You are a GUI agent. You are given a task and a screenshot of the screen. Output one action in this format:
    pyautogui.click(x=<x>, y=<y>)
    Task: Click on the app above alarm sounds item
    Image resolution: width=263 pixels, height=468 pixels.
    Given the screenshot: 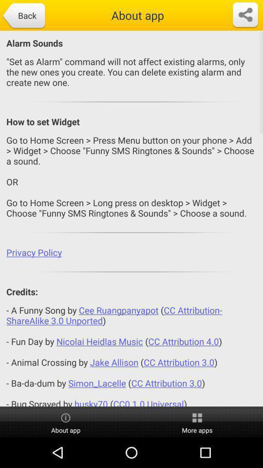 What is the action you would take?
    pyautogui.click(x=23, y=16)
    